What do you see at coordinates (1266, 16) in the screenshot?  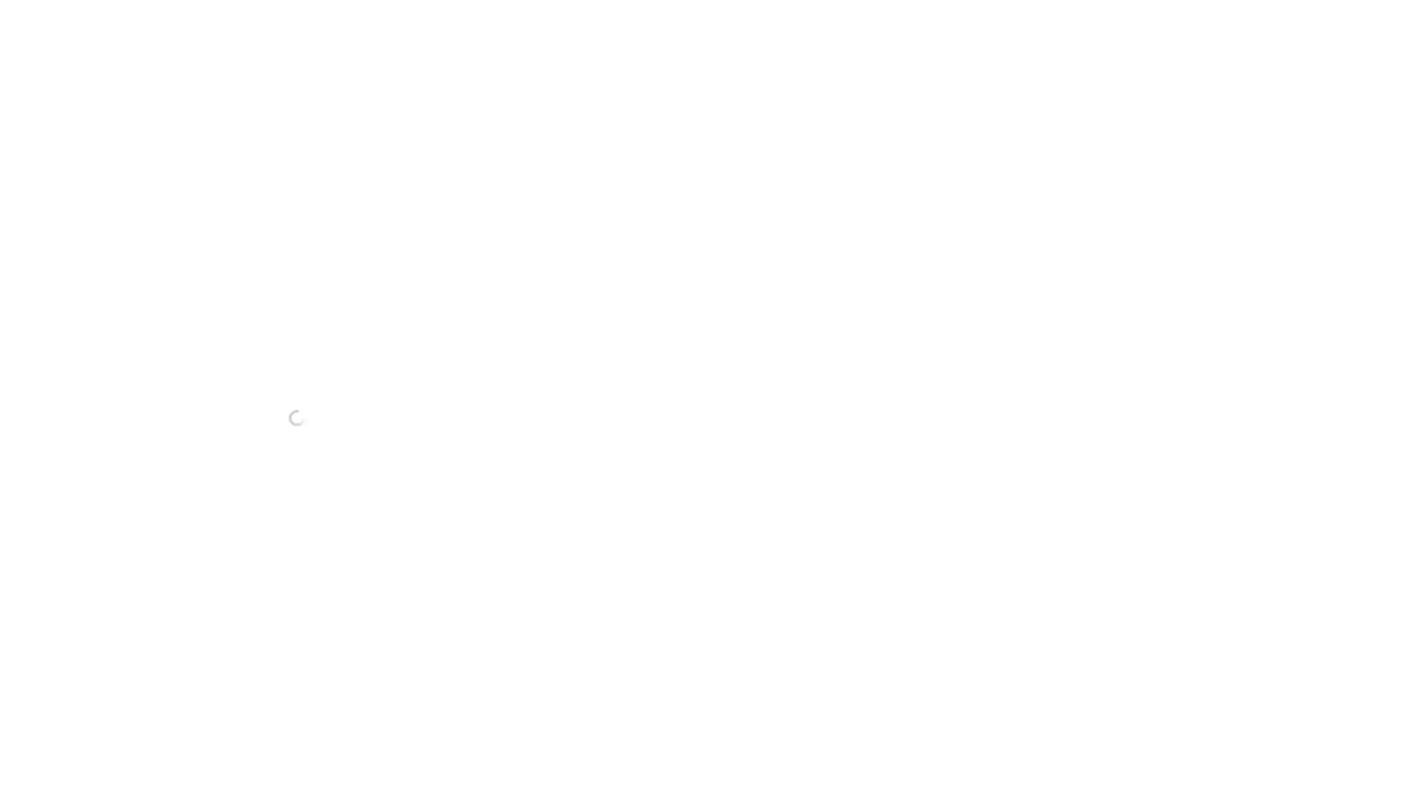 I see `Search` at bounding box center [1266, 16].